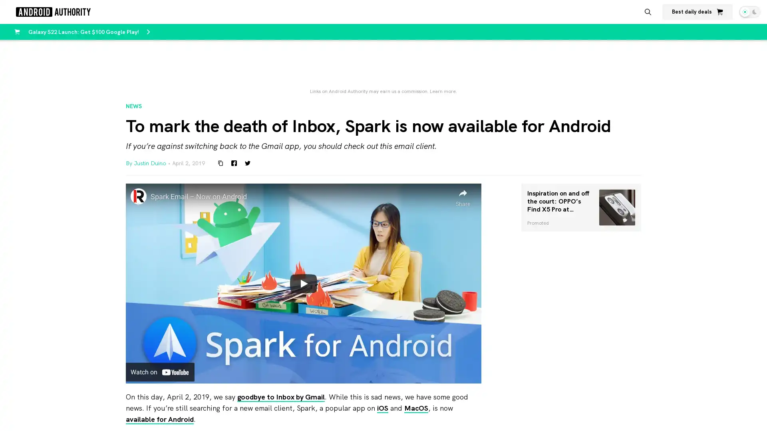 This screenshot has width=767, height=431. I want to click on Switch theme, so click(749, 12).